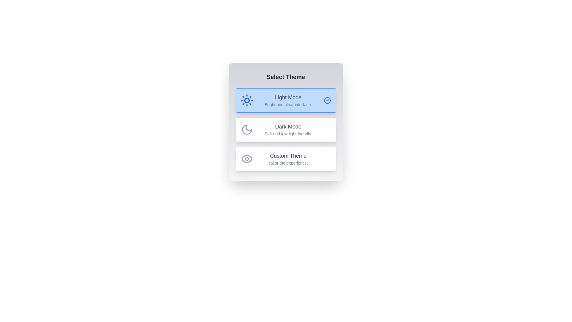 The image size is (572, 322). I want to click on 'Dark Mode' text label in the 'Select Theme' interface, which provides information about the dark mode theme option, so click(288, 129).